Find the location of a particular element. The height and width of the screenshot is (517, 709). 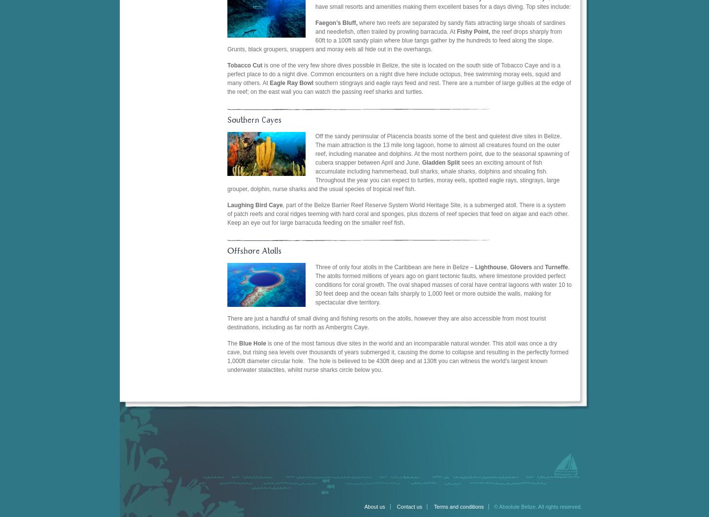

'sees an exciting amount of fish accumulate including hammerhead, bull sharks, whale sharks, dolphins and shoaling fish.  Throughout the year you can expect to turtles, moray eels, spotted eagle rays, stingrays, large grouper, dolphin, nurse sharks and the usual species of tropical reef fish.' is located at coordinates (393, 175).